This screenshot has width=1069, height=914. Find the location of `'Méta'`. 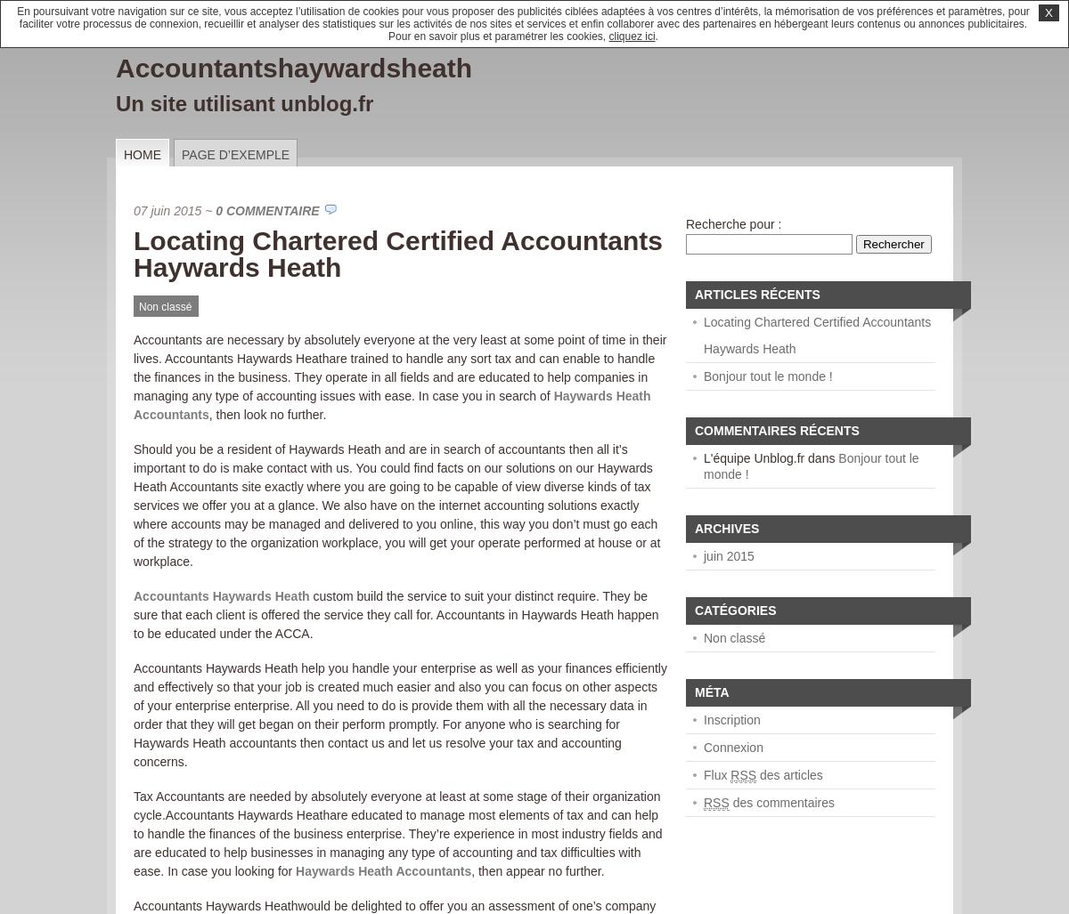

'Méta' is located at coordinates (694, 691).